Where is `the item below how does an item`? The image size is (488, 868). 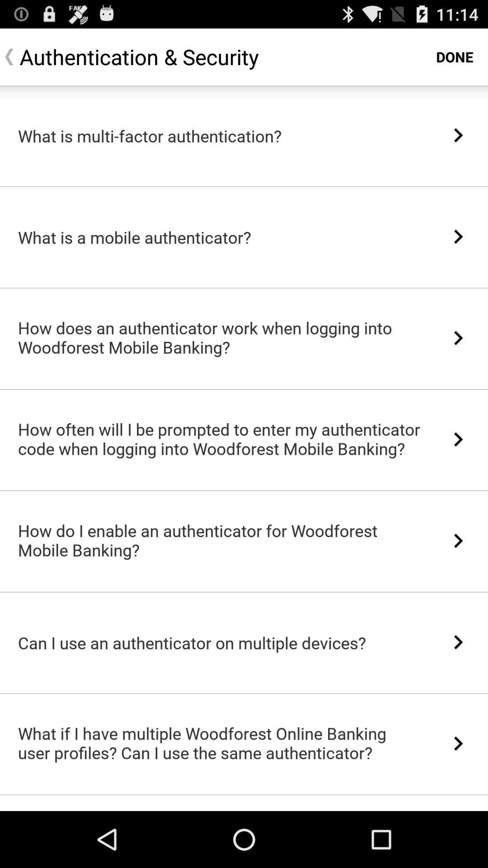
the item below how does an item is located at coordinates (244, 389).